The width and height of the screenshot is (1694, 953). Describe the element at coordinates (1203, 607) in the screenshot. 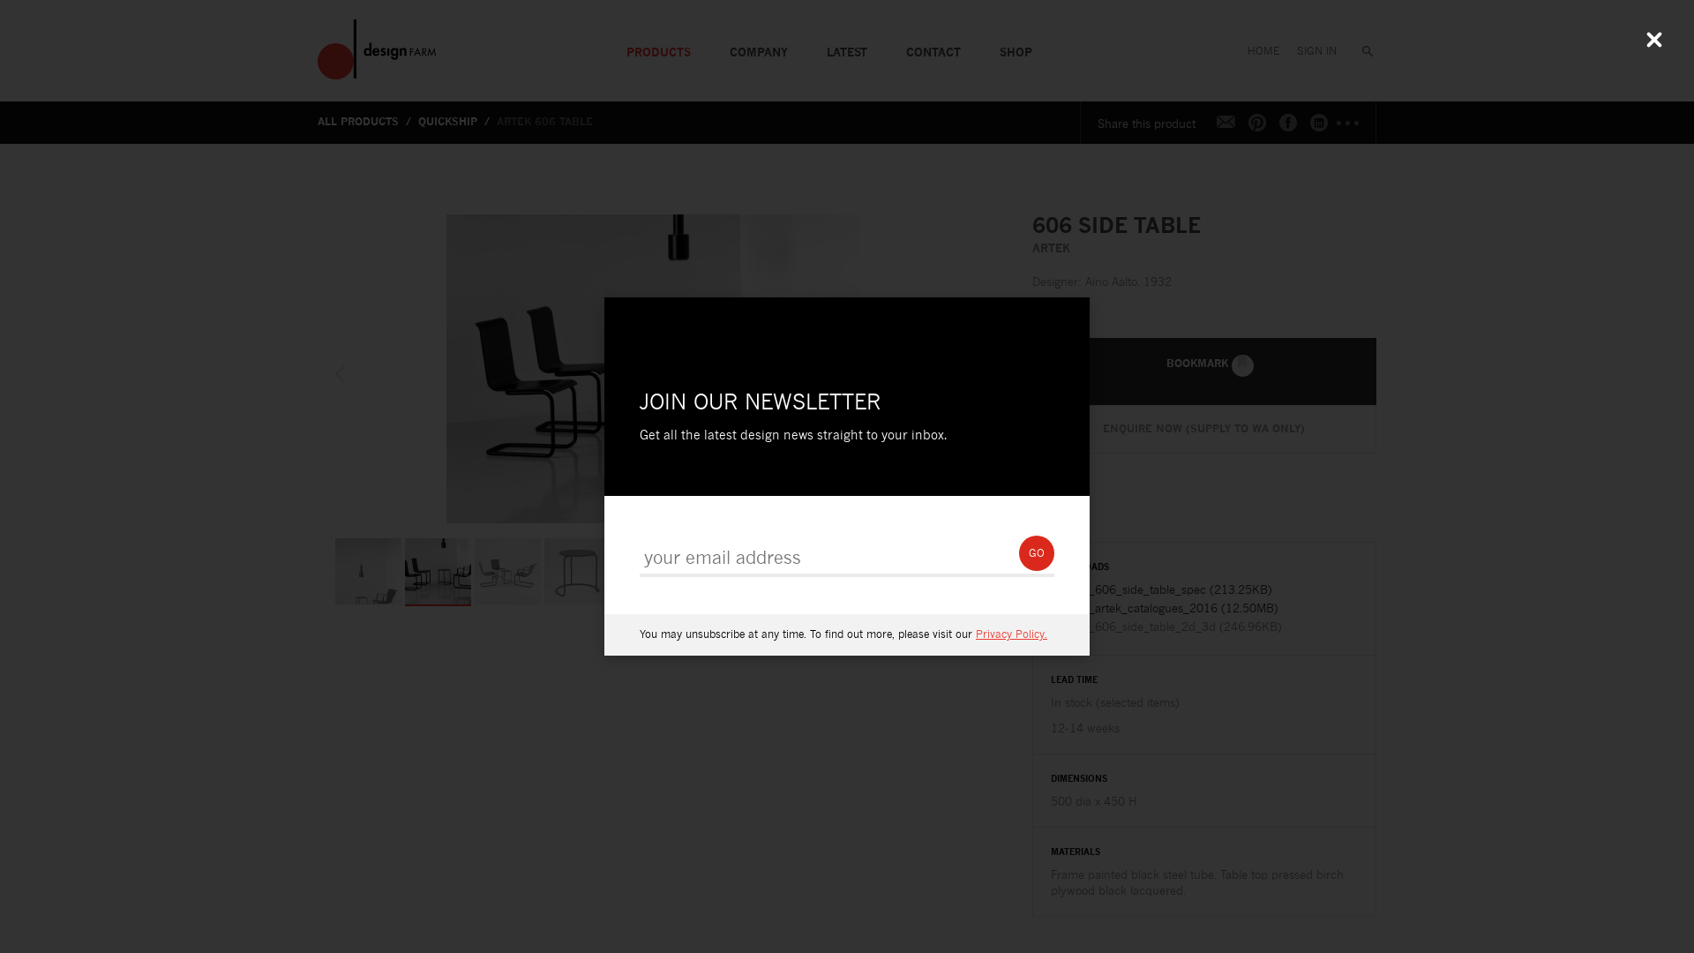

I see `'atk_artek_catalogues_2016 (12.50MB)'` at that location.